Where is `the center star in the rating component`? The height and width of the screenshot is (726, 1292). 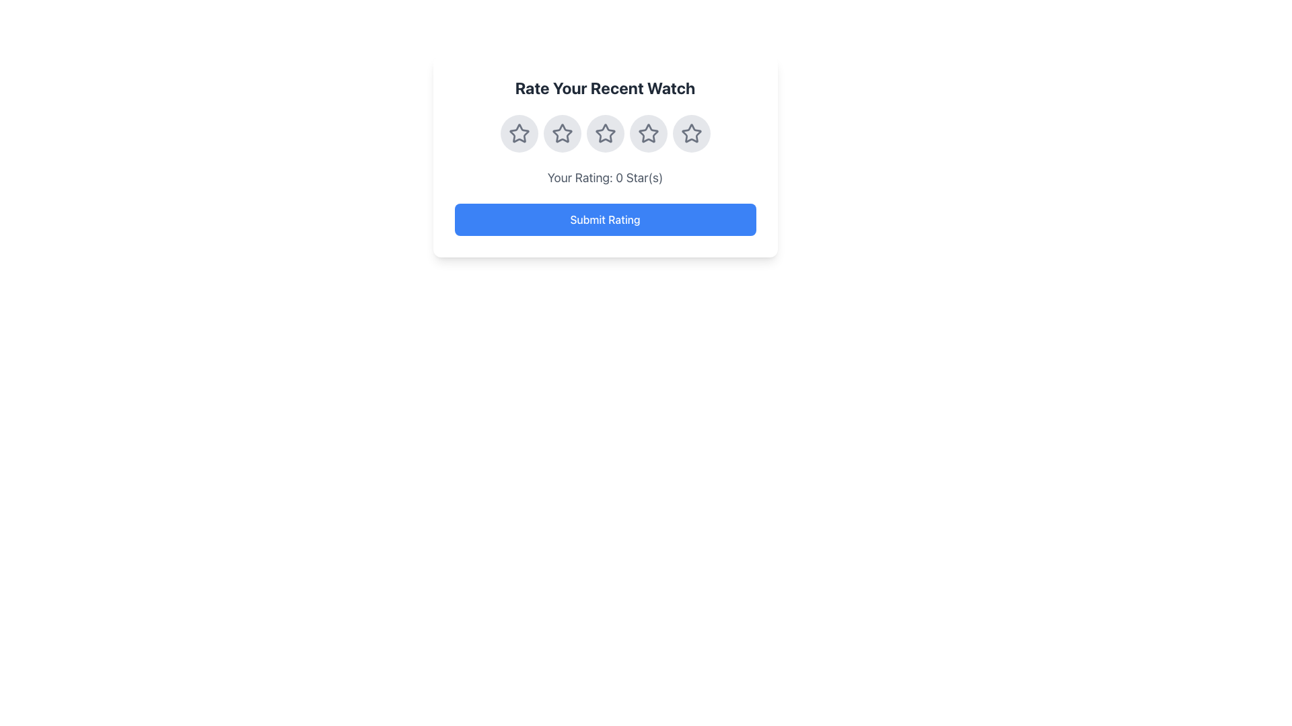 the center star in the rating component is located at coordinates (604, 134).